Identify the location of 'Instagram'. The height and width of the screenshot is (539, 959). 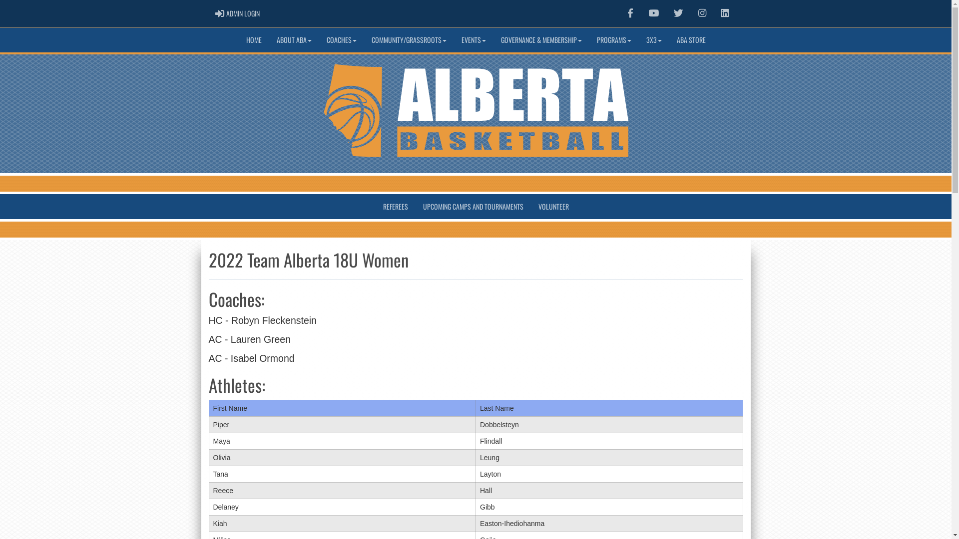
(702, 13).